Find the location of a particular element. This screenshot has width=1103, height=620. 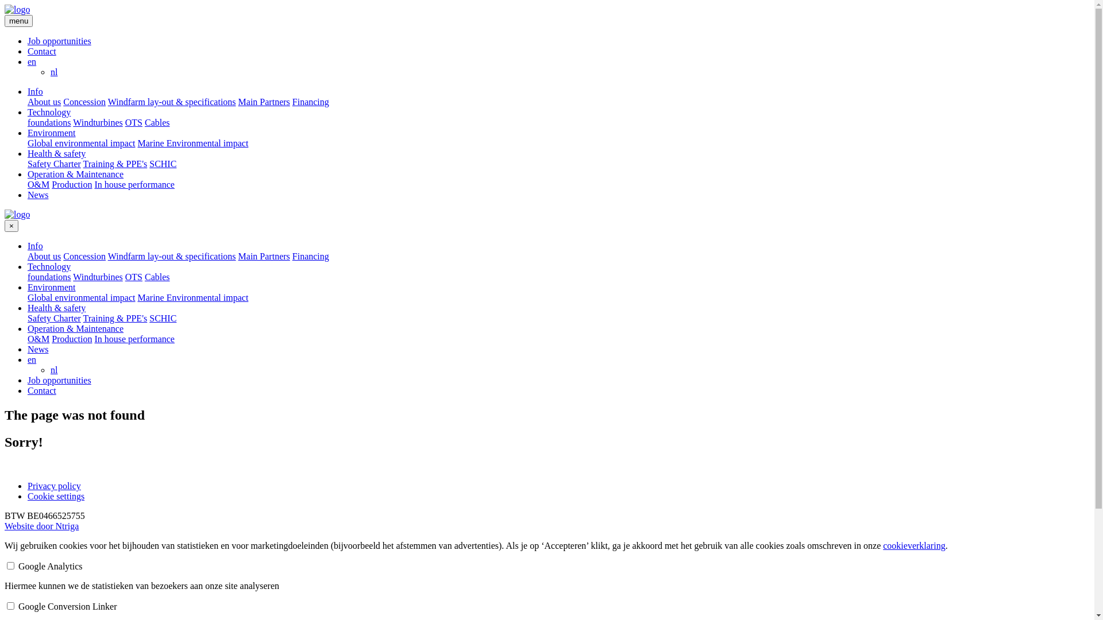

'O&M' is located at coordinates (38, 338).